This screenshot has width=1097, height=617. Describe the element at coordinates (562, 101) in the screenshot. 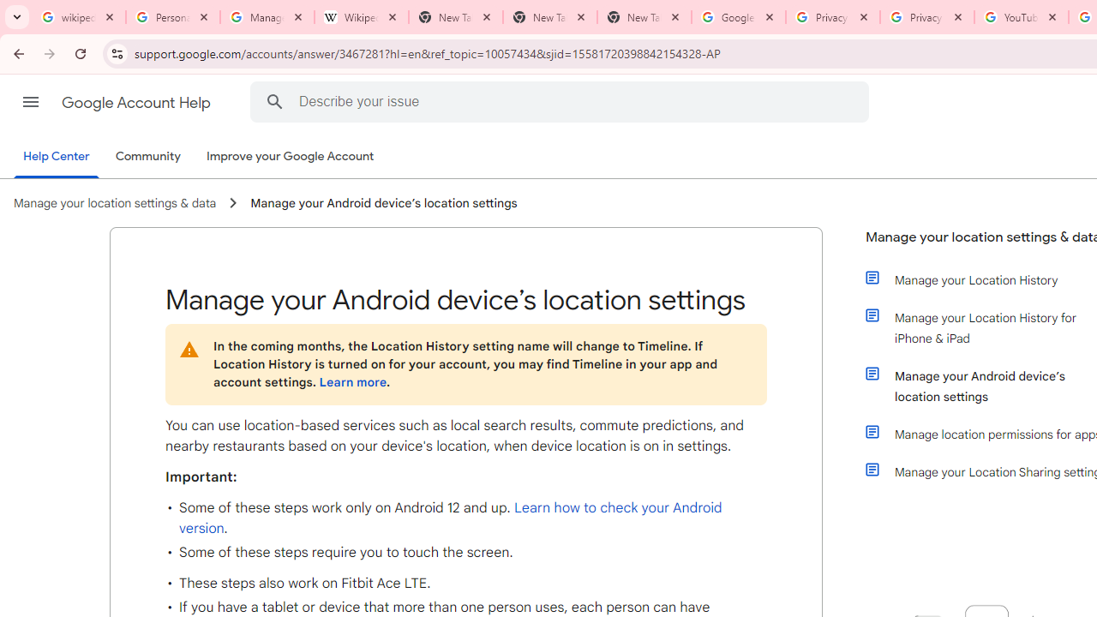

I see `'Describe your issue'` at that location.